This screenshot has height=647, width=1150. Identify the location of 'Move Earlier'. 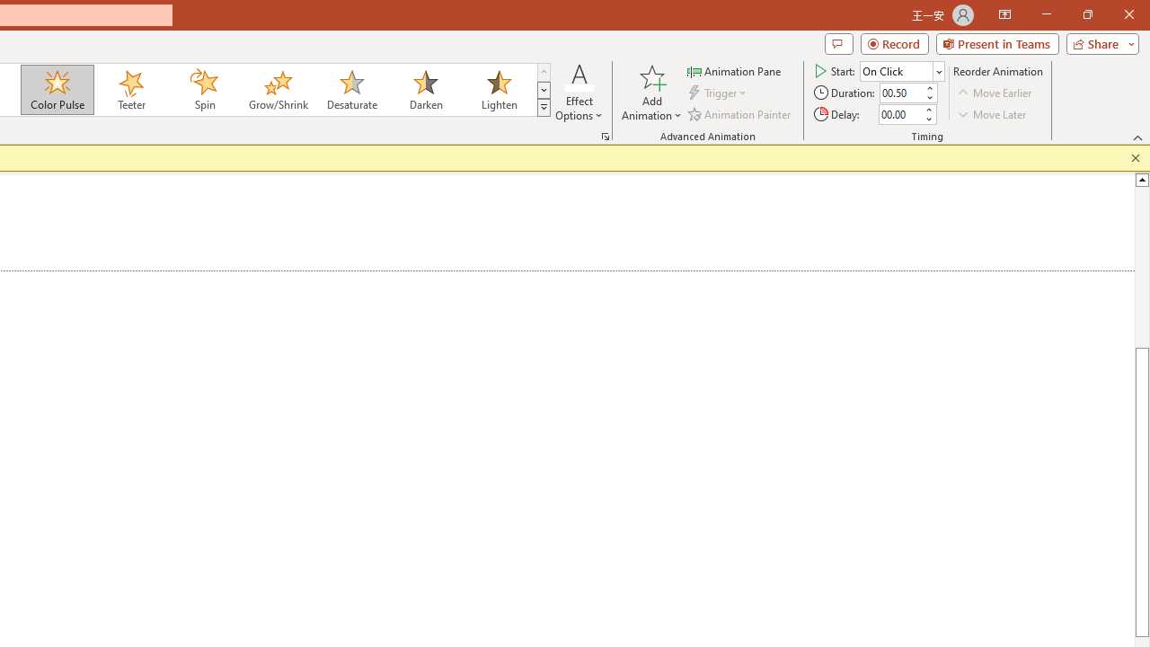
(994, 93).